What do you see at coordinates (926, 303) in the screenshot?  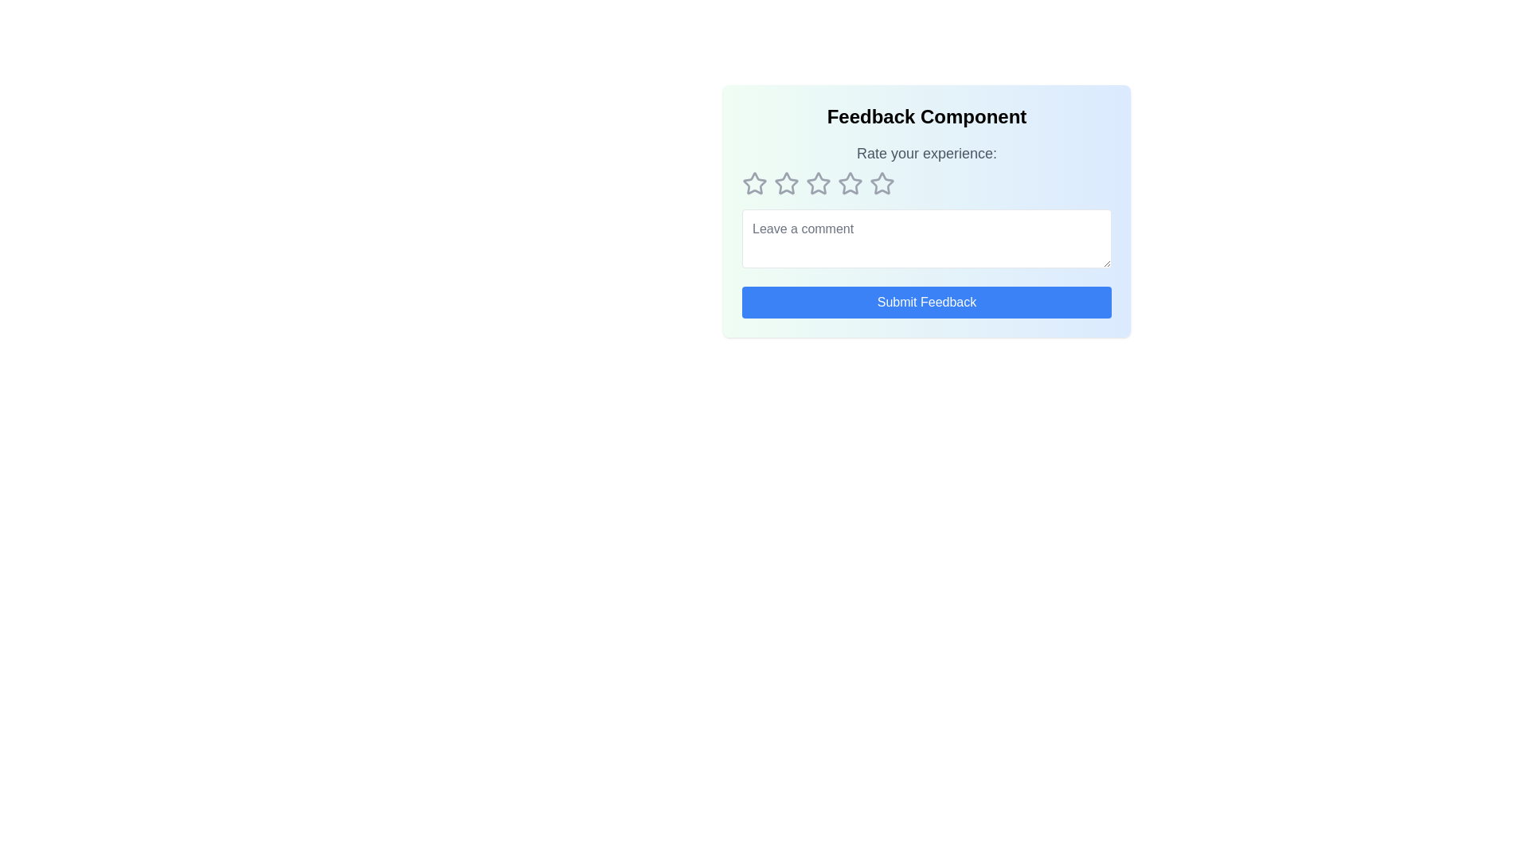 I see `the rectangular button with a blue background and white text that reads 'Submit Feedback', located below the text area labeled 'Leave a comment'` at bounding box center [926, 303].